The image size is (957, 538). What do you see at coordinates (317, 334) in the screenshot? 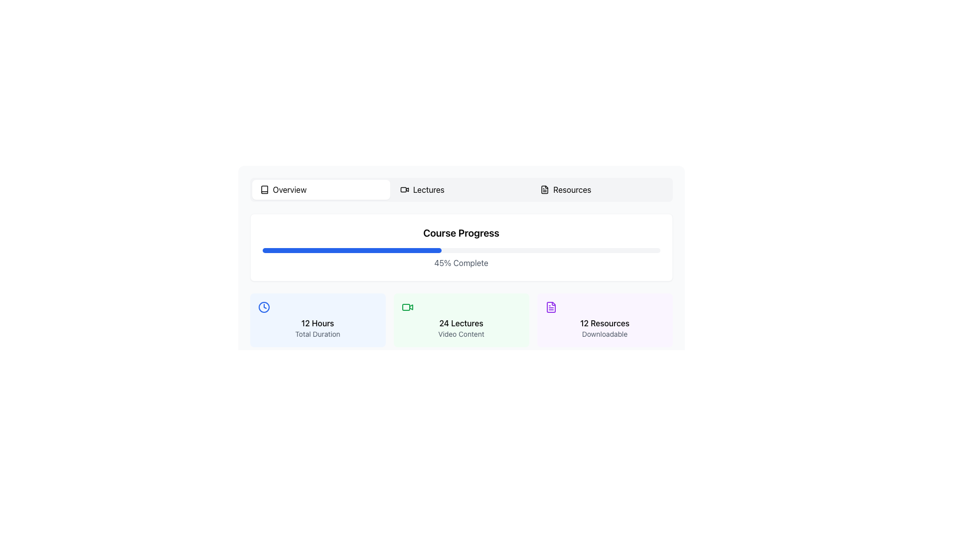
I see `the textual label displaying 'Total Duration' located below the '12 Hours' text in a blue-background box` at bounding box center [317, 334].